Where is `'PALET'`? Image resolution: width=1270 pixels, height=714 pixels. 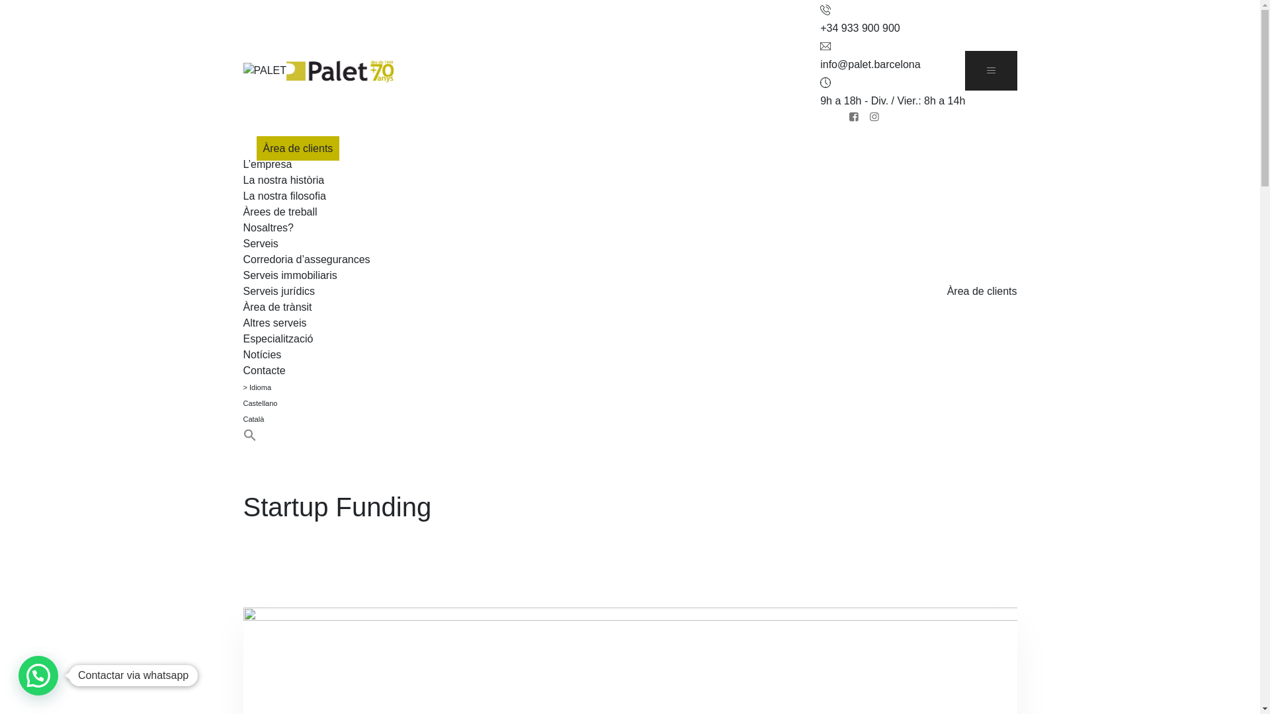
'PALET' is located at coordinates (265, 69).